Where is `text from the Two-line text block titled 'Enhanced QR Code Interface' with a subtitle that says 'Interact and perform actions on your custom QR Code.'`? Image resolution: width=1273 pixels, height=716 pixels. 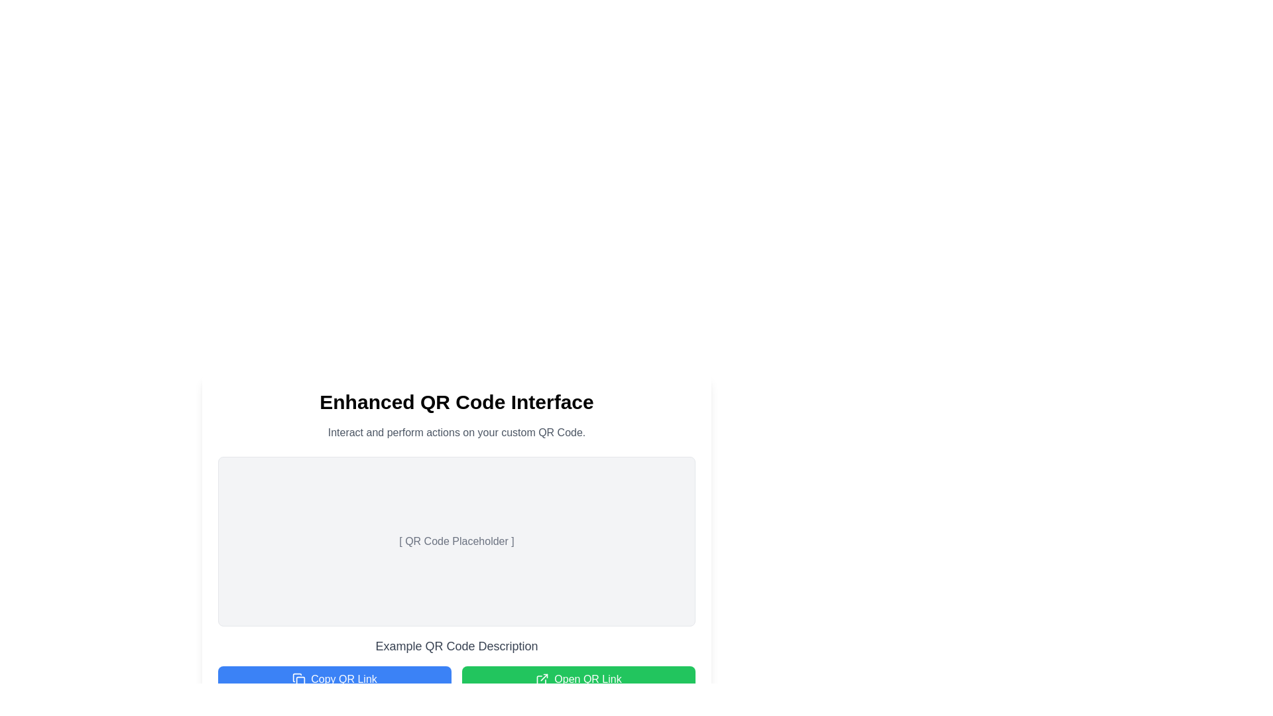 text from the Two-line text block titled 'Enhanced QR Code Interface' with a subtitle that says 'Interact and perform actions on your custom QR Code.' is located at coordinates (457, 415).